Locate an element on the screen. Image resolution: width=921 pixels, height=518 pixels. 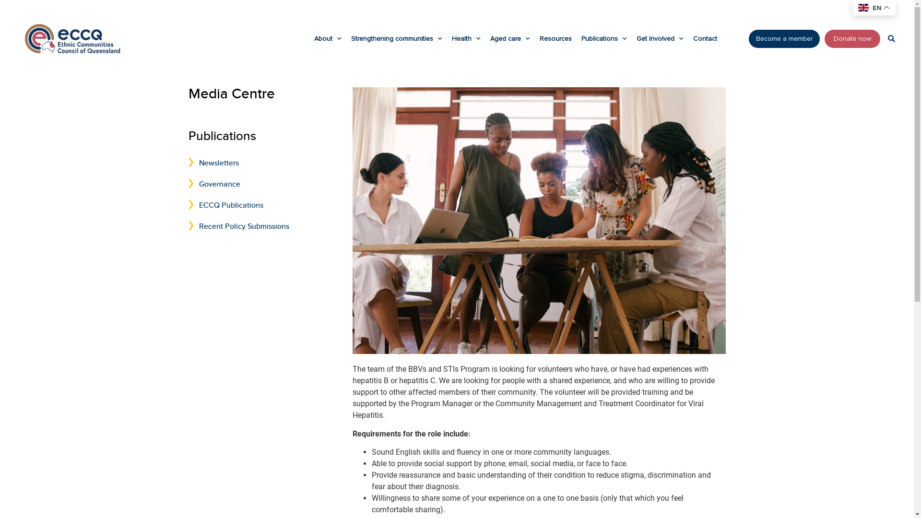
'About' is located at coordinates (328, 38).